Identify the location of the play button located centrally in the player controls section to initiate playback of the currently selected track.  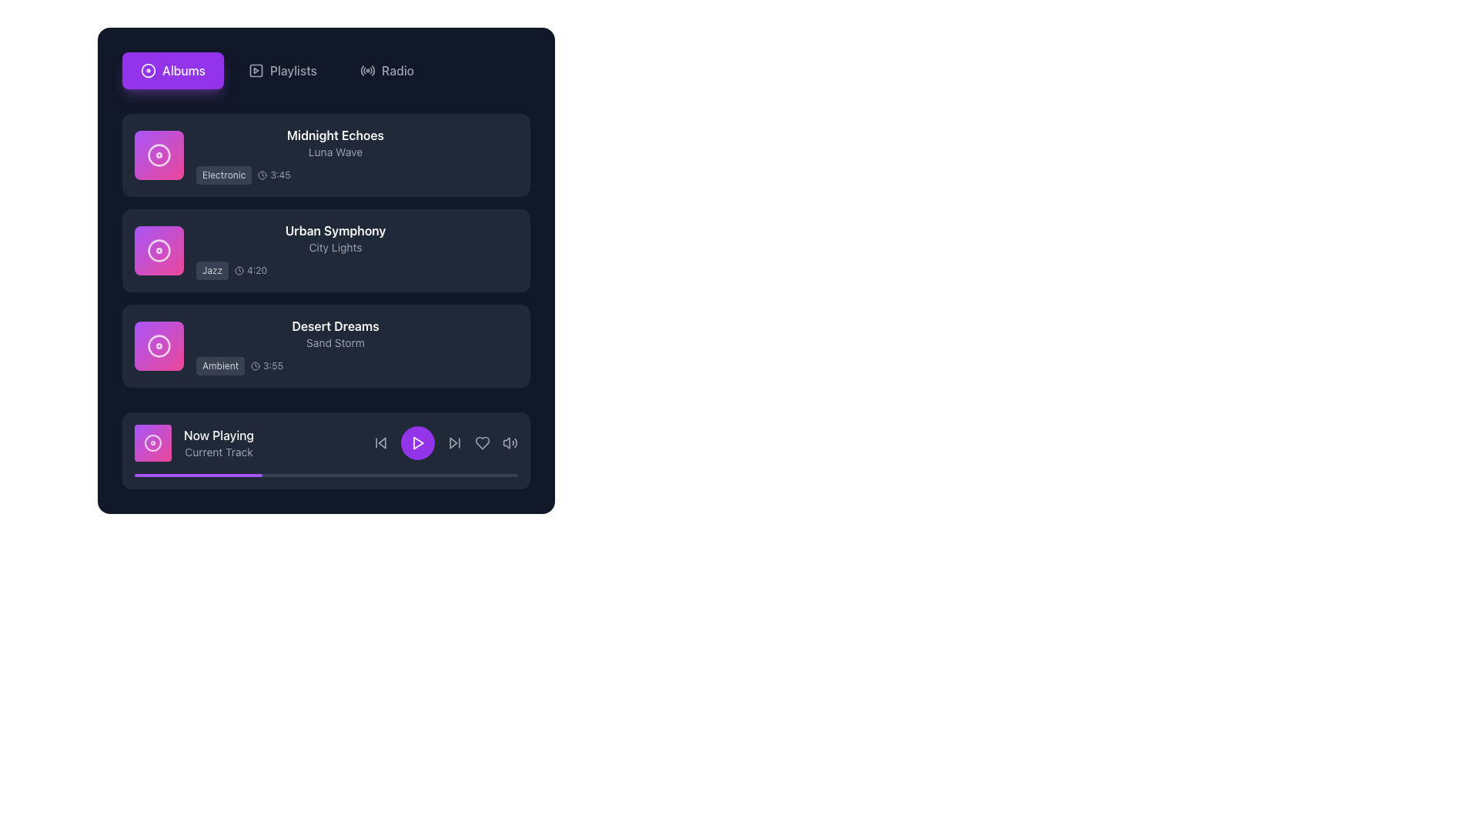
(417, 442).